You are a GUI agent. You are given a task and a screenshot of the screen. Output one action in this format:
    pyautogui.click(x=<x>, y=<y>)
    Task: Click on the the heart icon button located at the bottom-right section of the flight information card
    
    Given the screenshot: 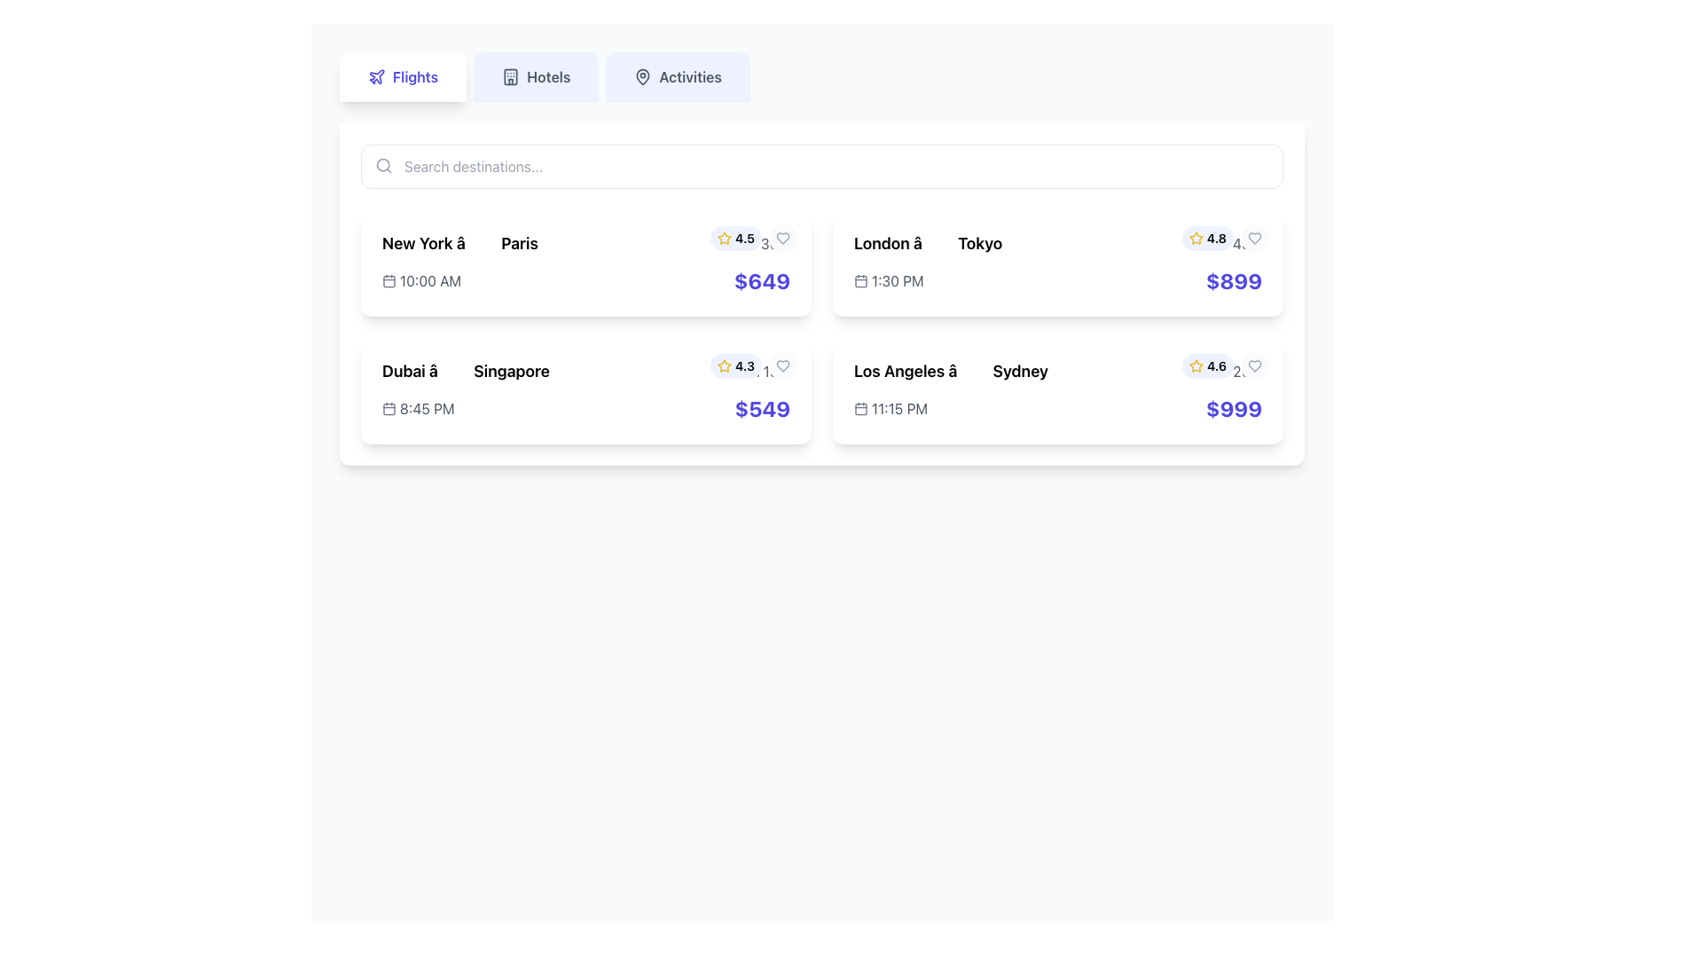 What is the action you would take?
    pyautogui.click(x=1254, y=238)
    